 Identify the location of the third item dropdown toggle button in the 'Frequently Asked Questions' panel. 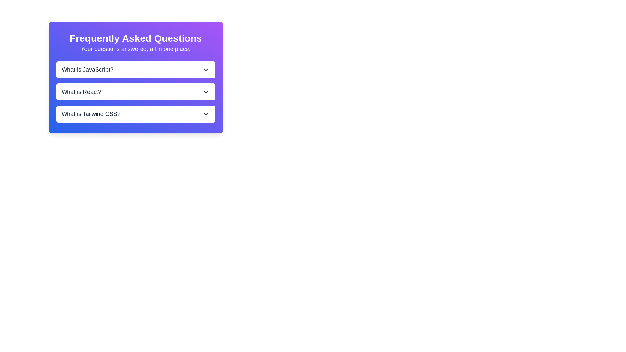
(135, 114).